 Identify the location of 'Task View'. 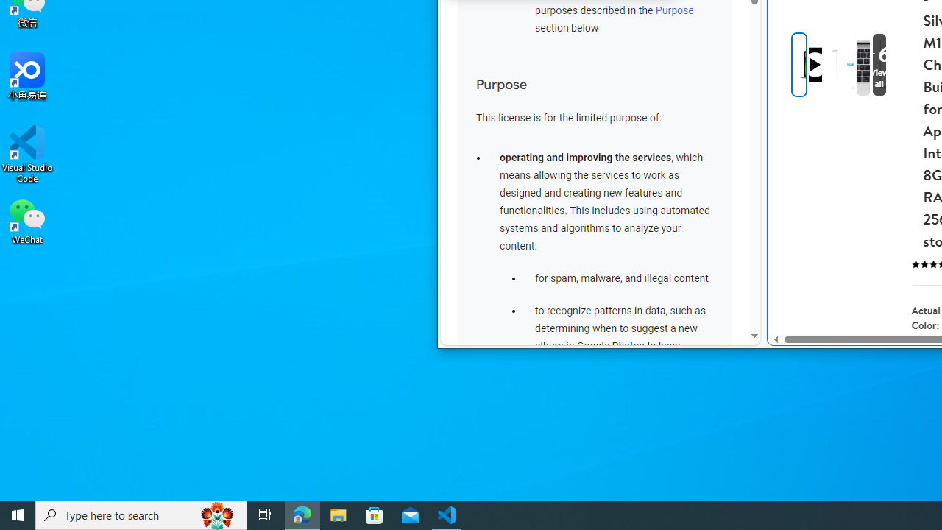
(264, 514).